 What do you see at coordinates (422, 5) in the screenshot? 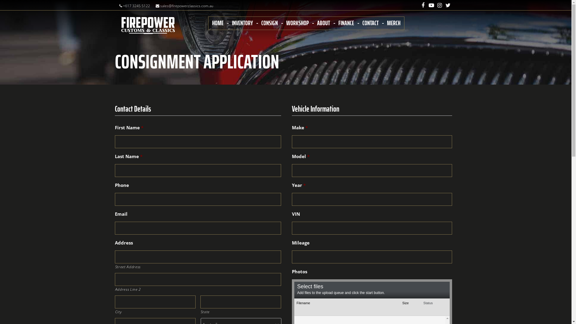
I see `'Facebook'` at bounding box center [422, 5].